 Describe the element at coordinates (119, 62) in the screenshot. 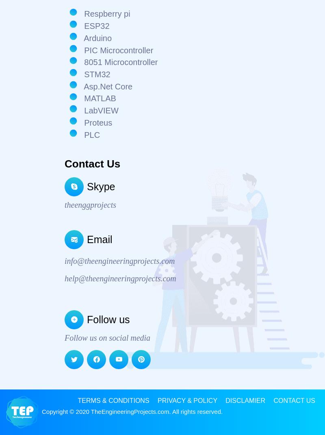

I see `'8051 Microcontroller'` at that location.